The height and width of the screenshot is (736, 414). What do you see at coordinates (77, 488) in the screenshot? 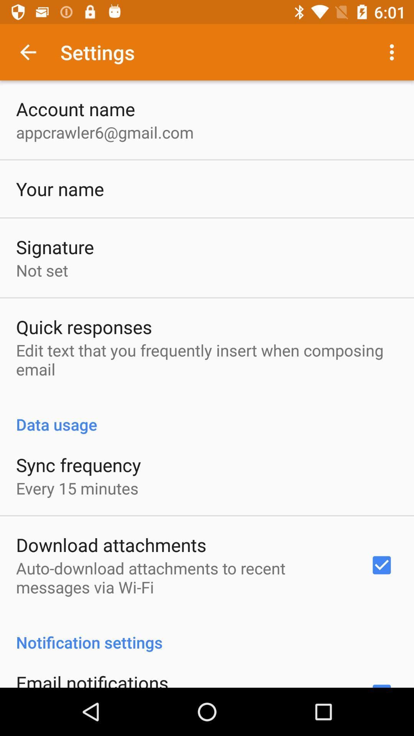
I see `the every 15 minutes` at bounding box center [77, 488].